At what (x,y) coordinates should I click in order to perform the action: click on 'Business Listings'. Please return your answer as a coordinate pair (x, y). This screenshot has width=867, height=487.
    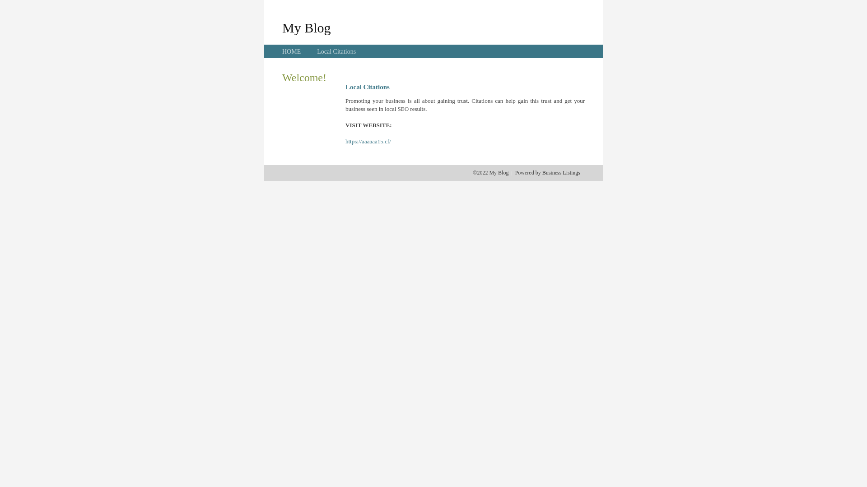
    Looking at the image, I should click on (561, 172).